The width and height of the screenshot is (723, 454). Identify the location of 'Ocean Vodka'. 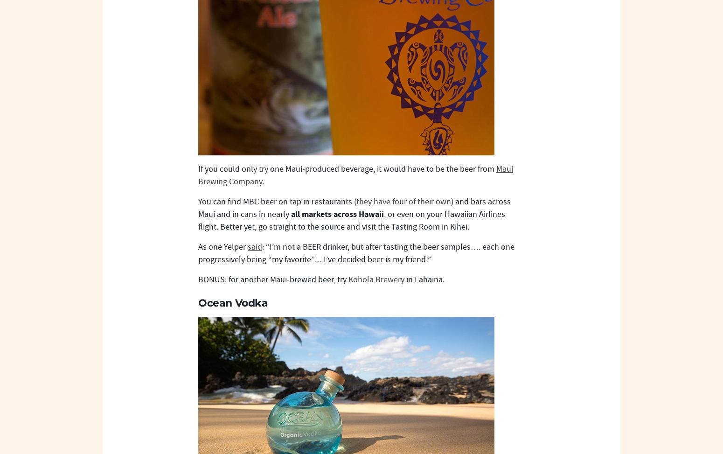
(198, 302).